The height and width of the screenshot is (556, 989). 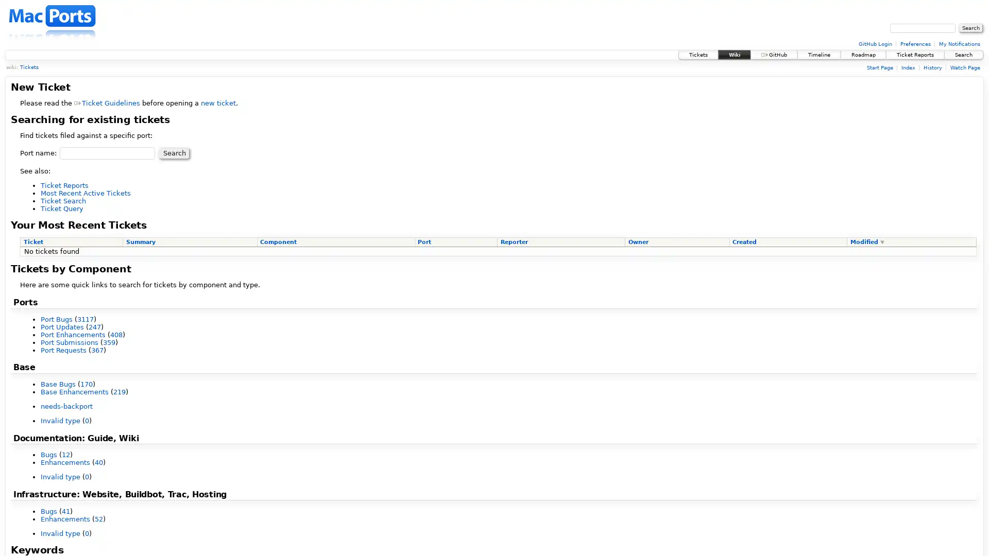 I want to click on Search, so click(x=174, y=153).